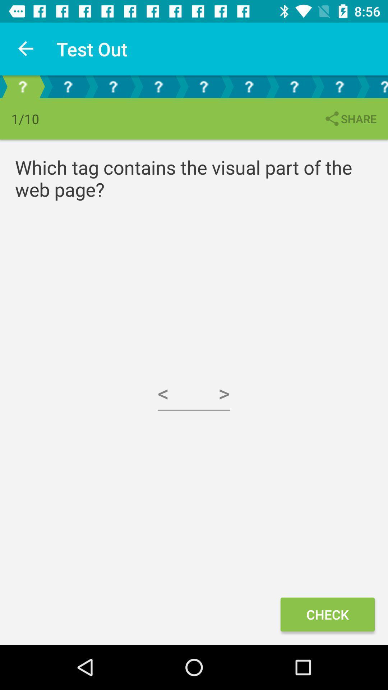 This screenshot has width=388, height=690. Describe the element at coordinates (22, 86) in the screenshot. I see `quesstion 1` at that location.